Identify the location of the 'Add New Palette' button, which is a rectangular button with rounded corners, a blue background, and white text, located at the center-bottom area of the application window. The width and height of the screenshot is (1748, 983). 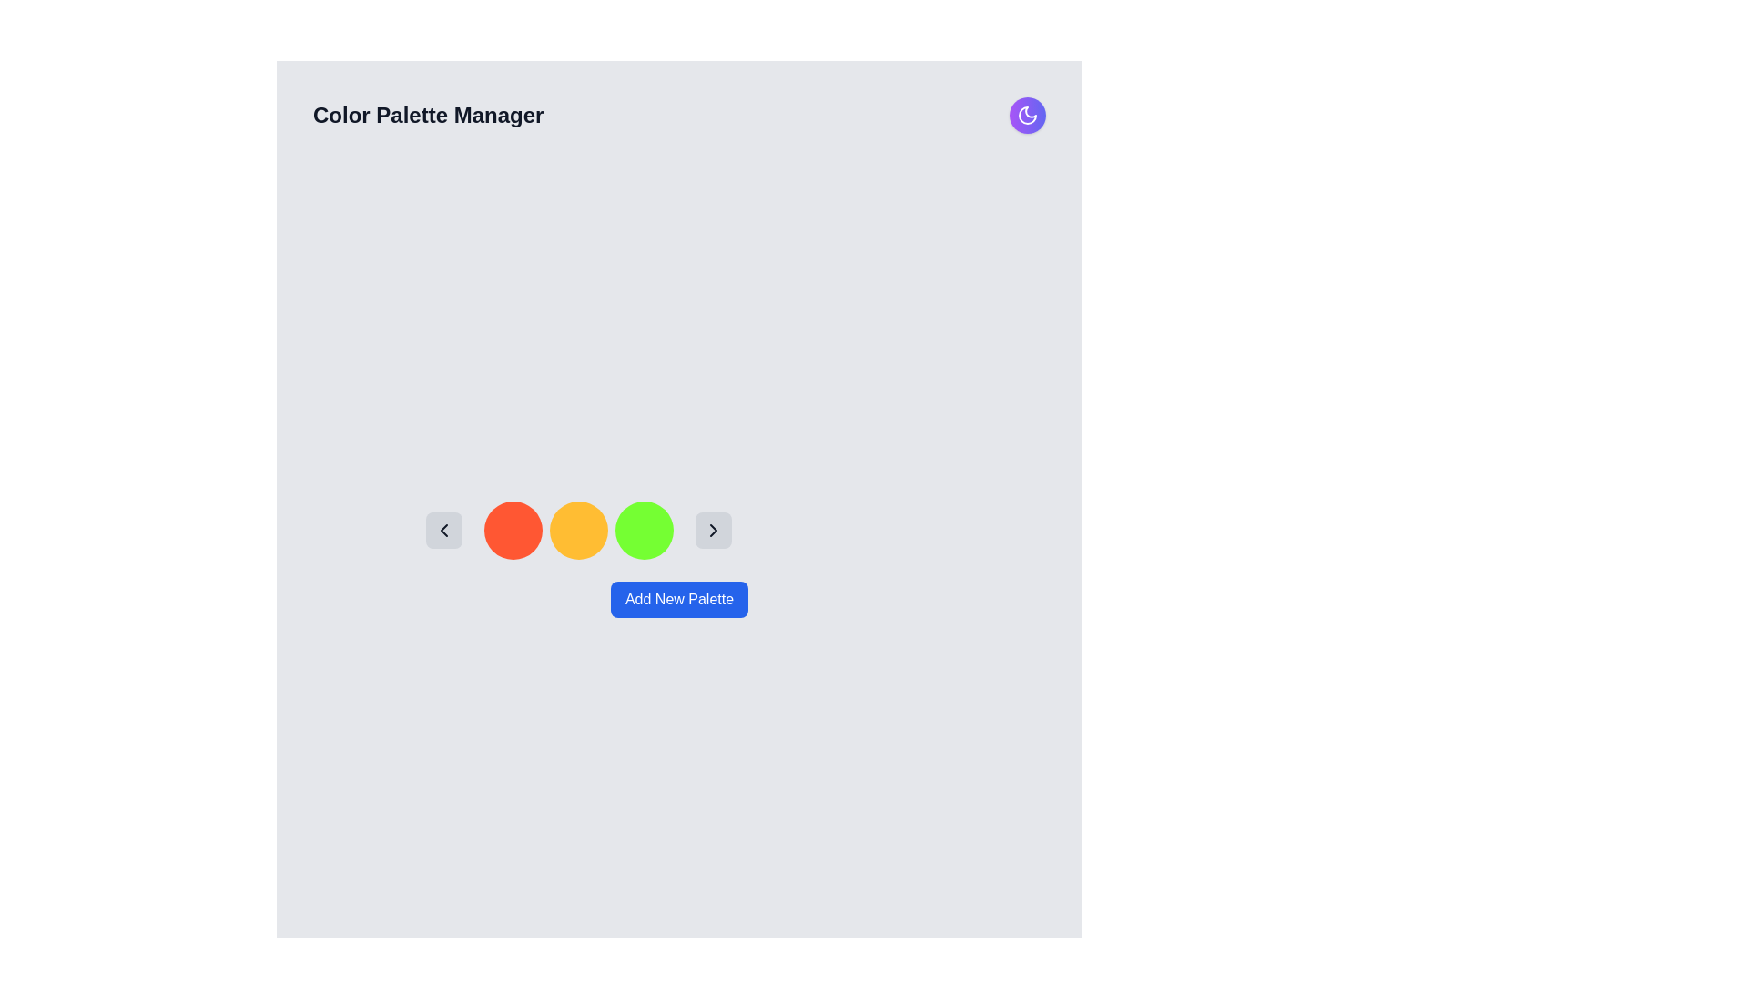
(678, 600).